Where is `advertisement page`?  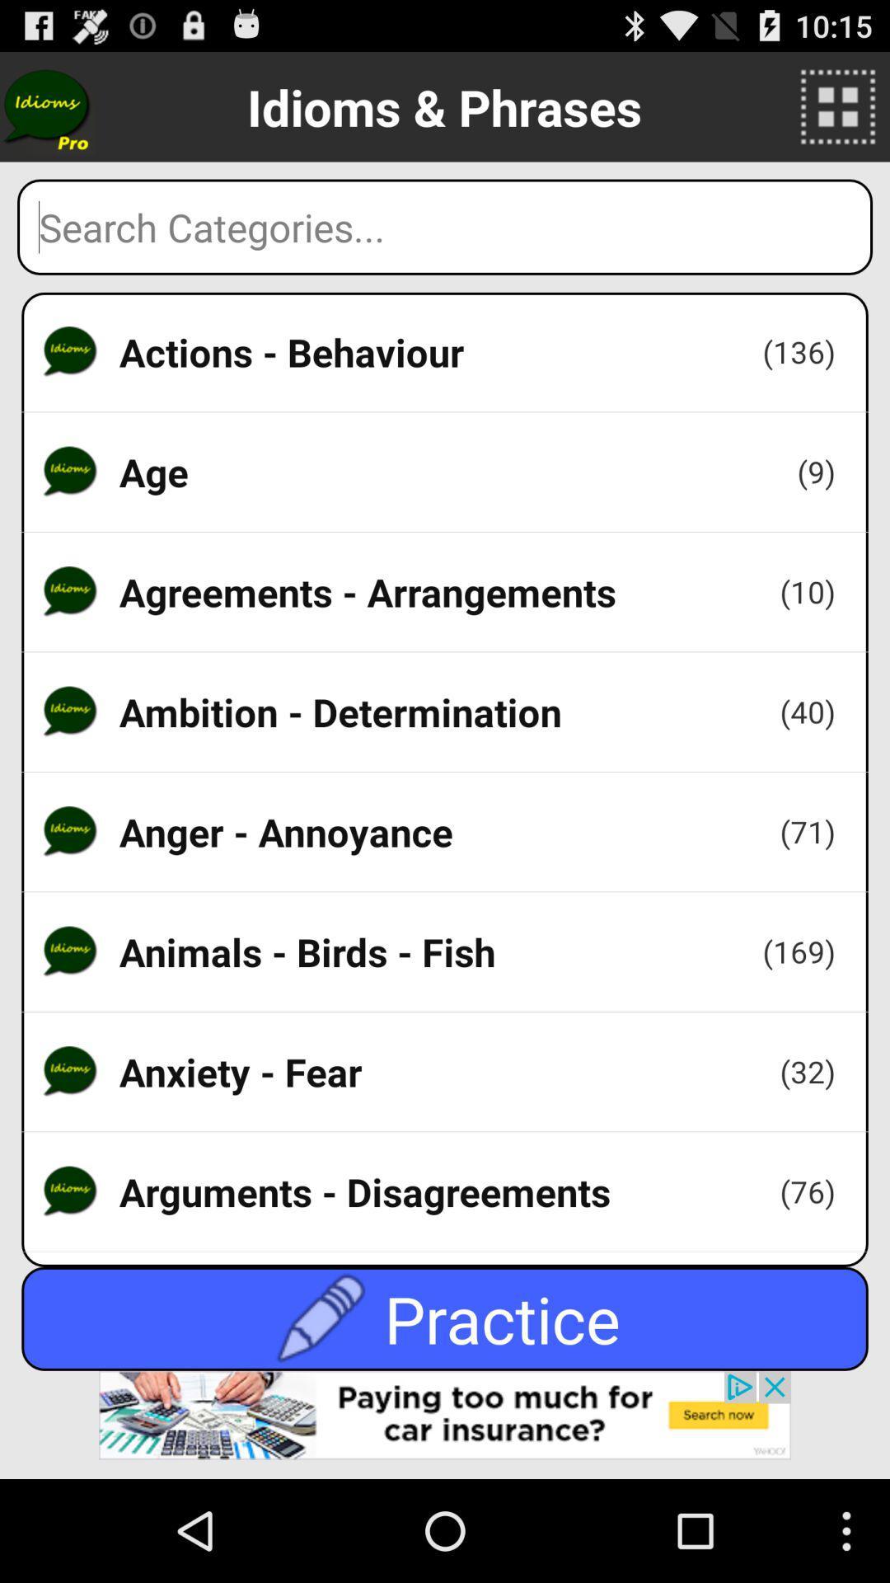 advertisement page is located at coordinates (445, 1424).